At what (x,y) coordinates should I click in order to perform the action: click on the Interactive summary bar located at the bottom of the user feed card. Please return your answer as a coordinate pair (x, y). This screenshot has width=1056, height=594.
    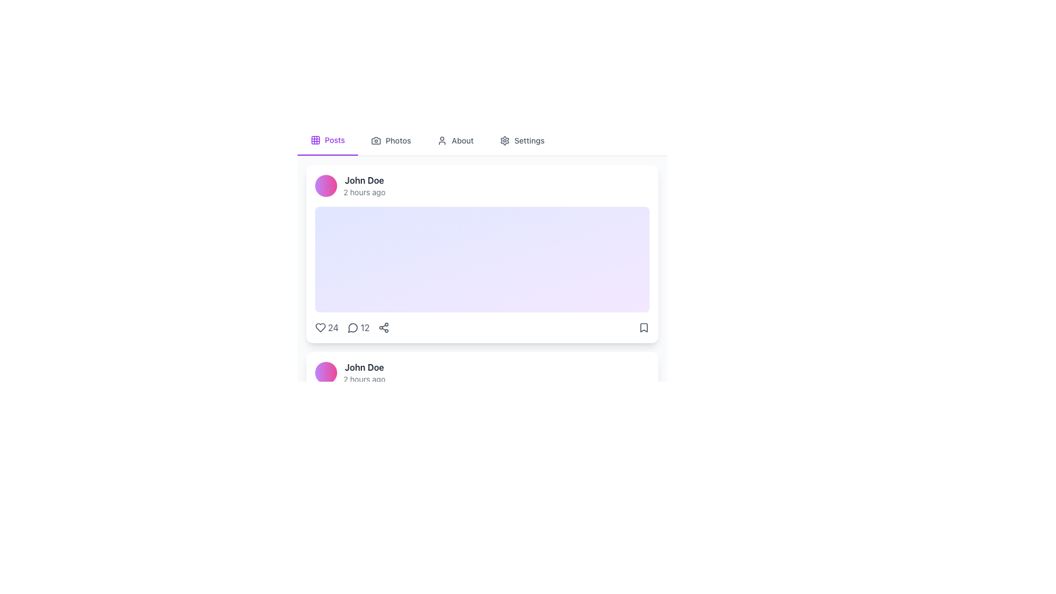
    Looking at the image, I should click on (482, 327).